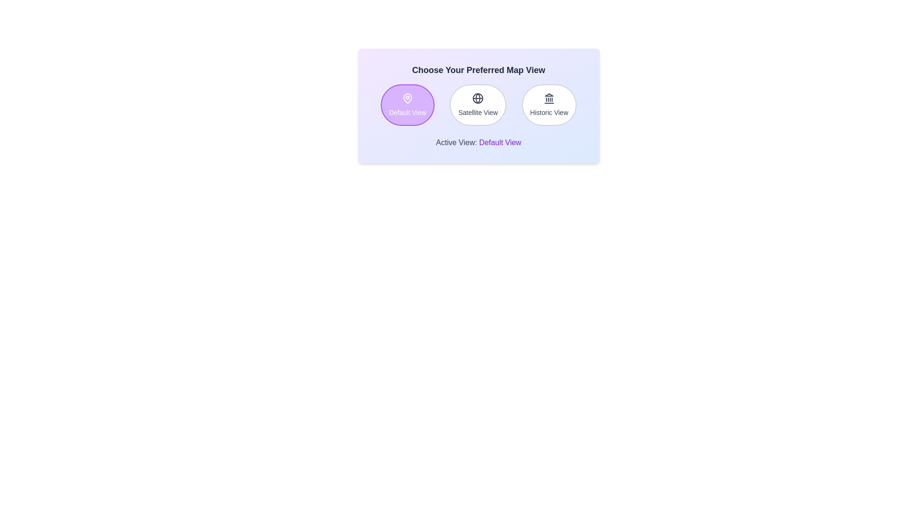  What do you see at coordinates (478, 105) in the screenshot?
I see `the map view to Satellite View` at bounding box center [478, 105].